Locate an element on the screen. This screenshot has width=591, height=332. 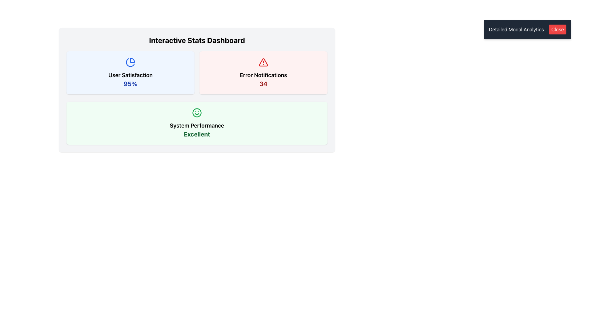
the bold title 'Interactive Stats Dashboard' which is centrally aligned at the top of the panel is located at coordinates (196, 40).